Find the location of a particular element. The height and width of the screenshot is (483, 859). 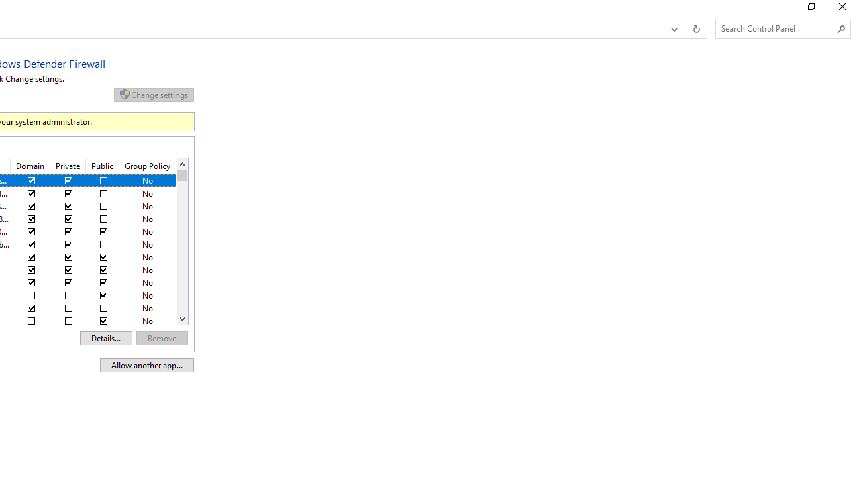

'Restore' is located at coordinates (810, 10).